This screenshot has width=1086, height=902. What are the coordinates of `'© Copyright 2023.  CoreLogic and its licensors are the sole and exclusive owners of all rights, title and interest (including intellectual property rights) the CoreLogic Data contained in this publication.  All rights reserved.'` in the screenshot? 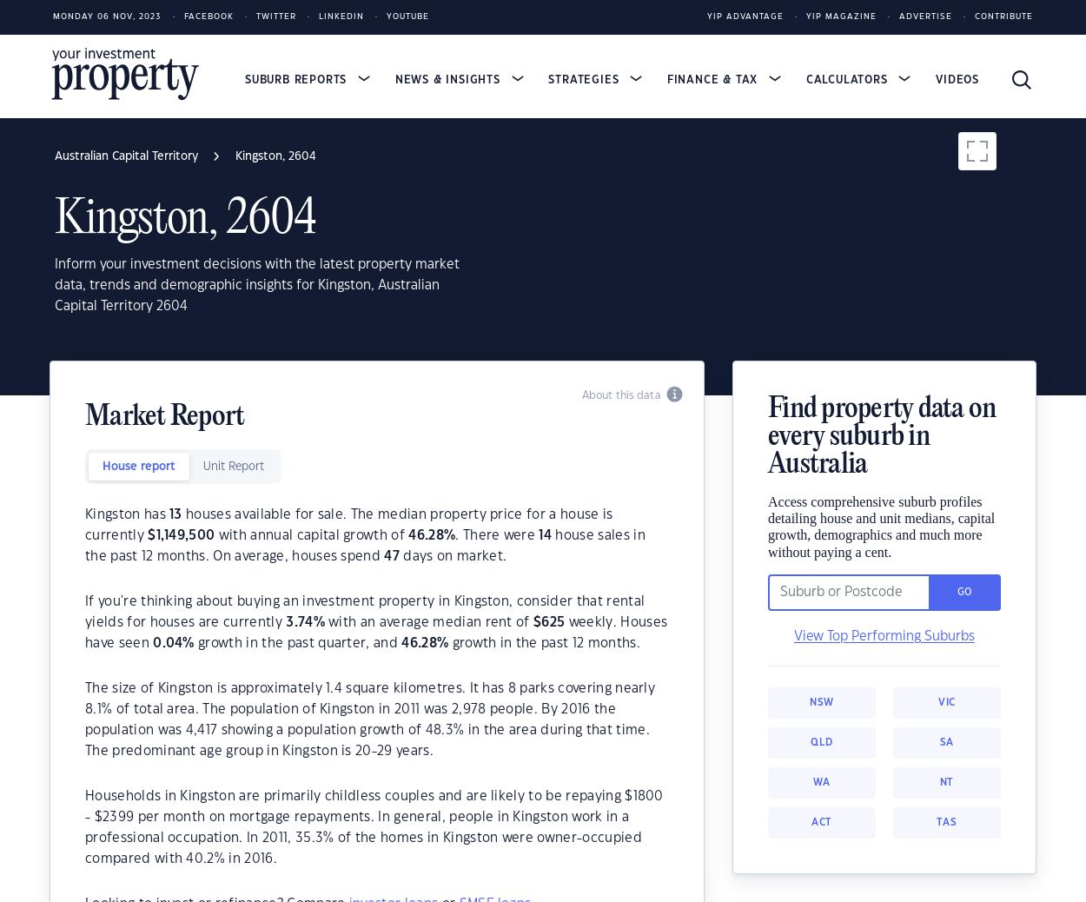 It's located at (538, 738).